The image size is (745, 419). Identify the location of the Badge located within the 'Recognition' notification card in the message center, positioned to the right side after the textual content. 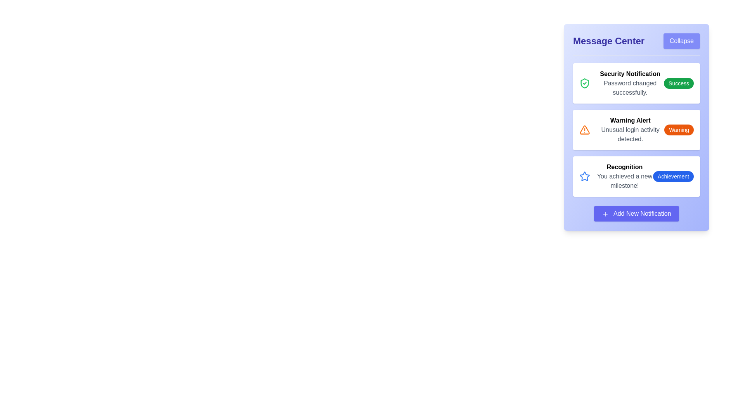
(673, 177).